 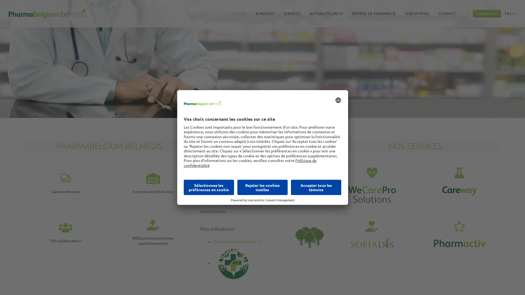 I want to click on 'WeCarePro', so click(x=356, y=174).